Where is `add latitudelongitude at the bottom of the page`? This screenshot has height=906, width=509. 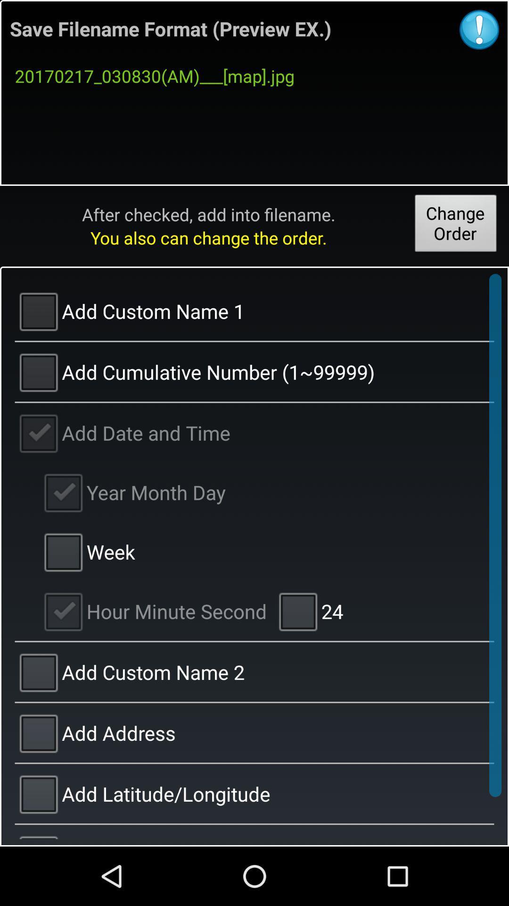 add latitudelongitude at the bottom of the page is located at coordinates (254, 793).